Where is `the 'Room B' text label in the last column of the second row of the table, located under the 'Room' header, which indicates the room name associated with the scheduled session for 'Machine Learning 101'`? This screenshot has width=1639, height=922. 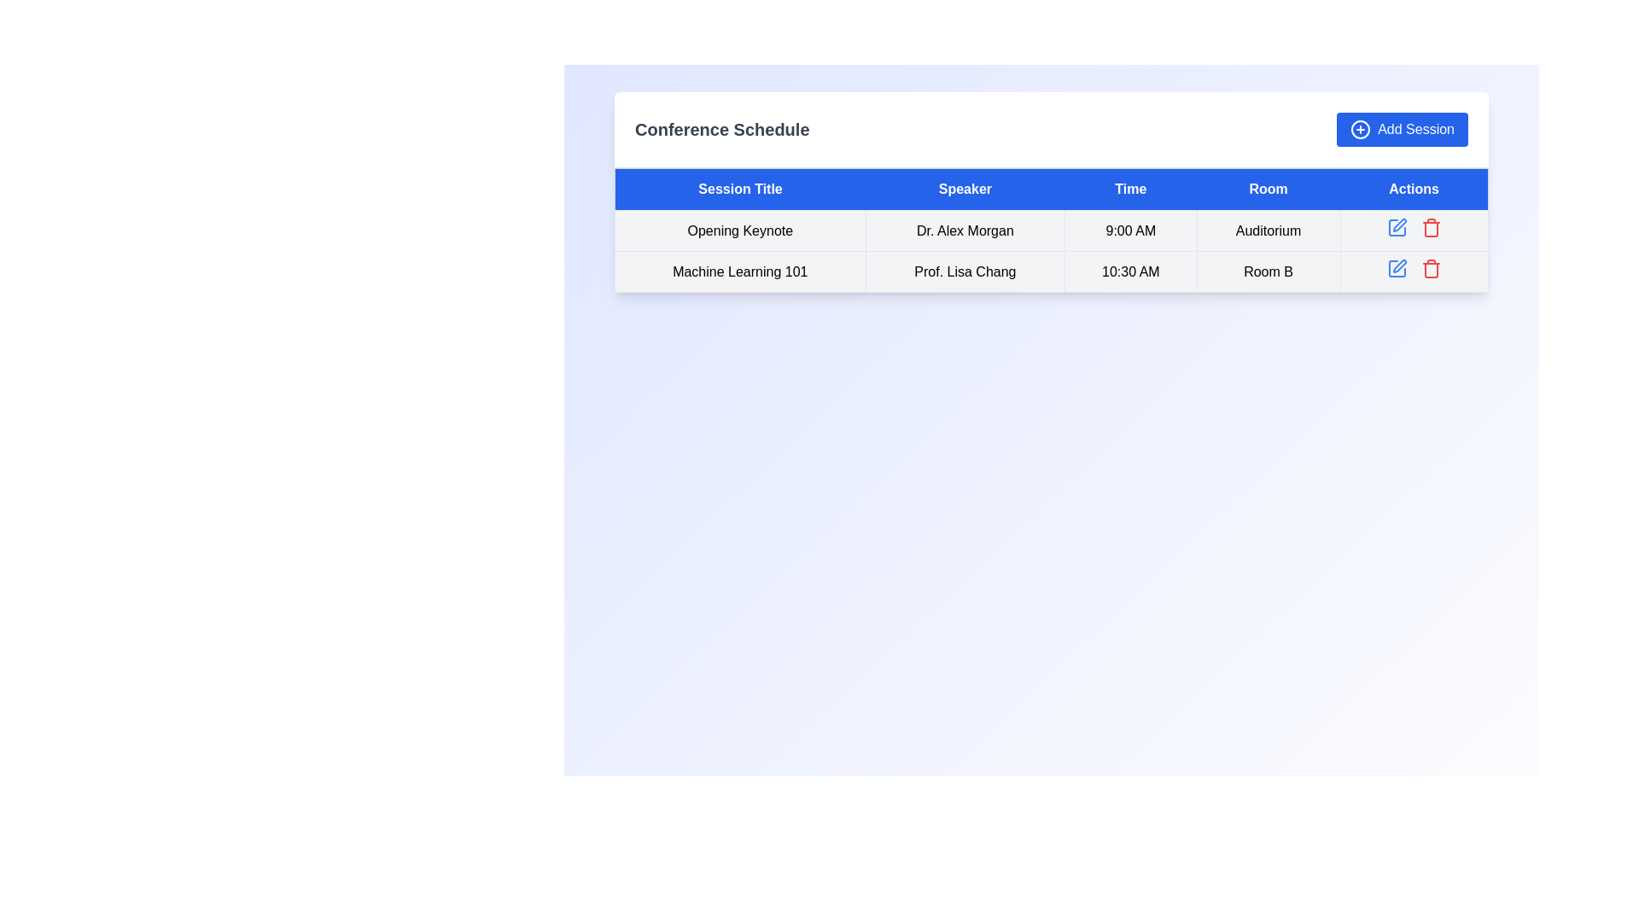 the 'Room B' text label in the last column of the second row of the table, located under the 'Room' header, which indicates the room name associated with the scheduled session for 'Machine Learning 101' is located at coordinates (1269, 271).